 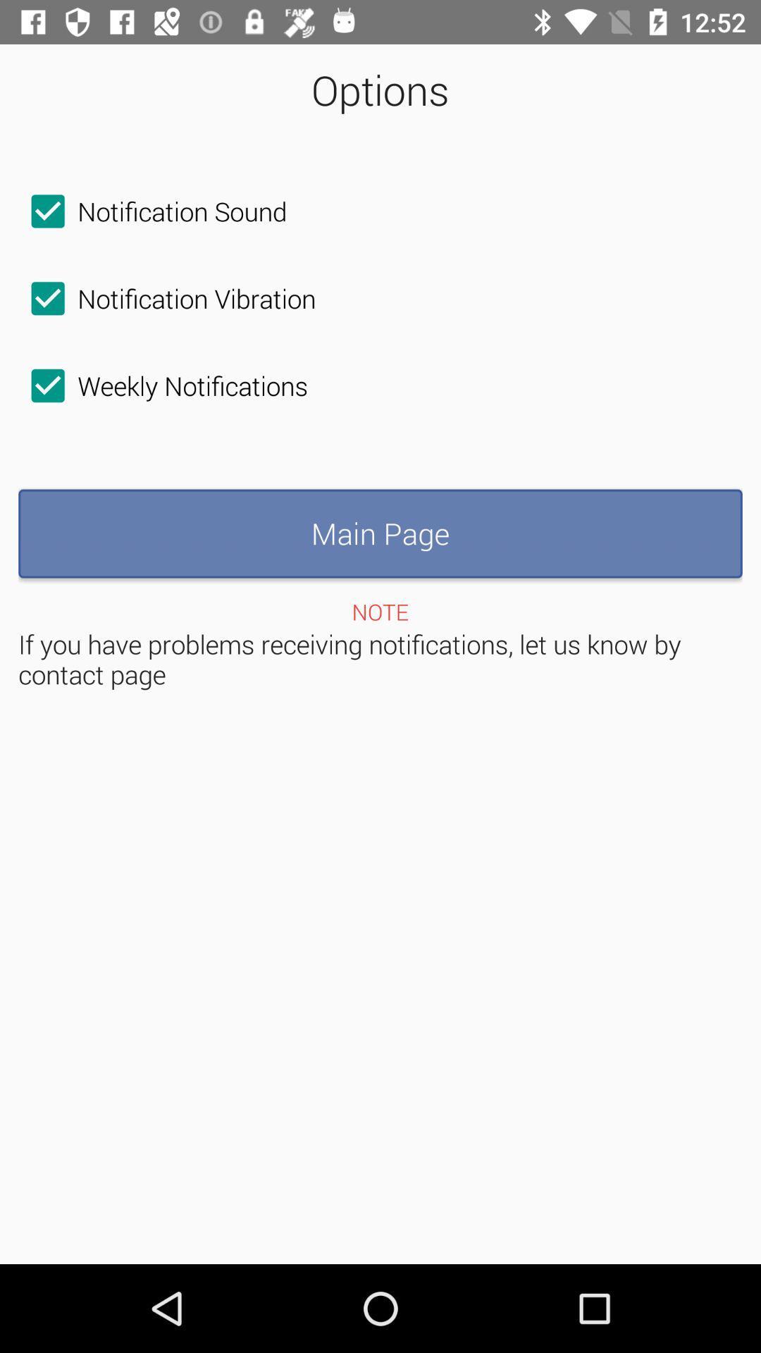 What do you see at coordinates (162, 385) in the screenshot?
I see `icon above main page icon` at bounding box center [162, 385].